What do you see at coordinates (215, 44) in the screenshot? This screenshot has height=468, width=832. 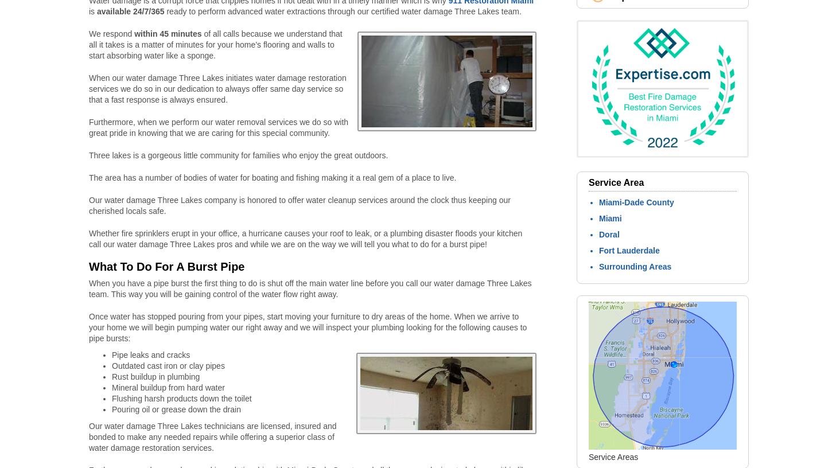 I see `'of all calls because we understand that all it takes is a matter of minutes for your home’s flooring and walls to start absorbing water like a sponge.'` at bounding box center [215, 44].